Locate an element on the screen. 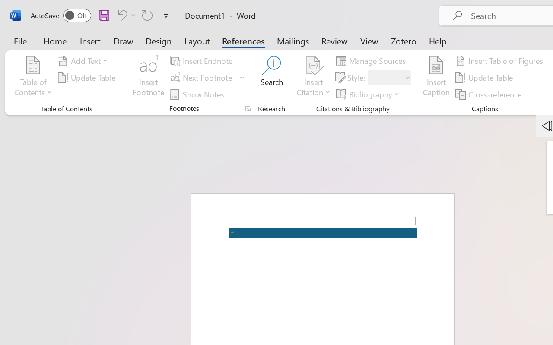 This screenshot has height=345, width=553. 'Next Footnote' is located at coordinates (207, 77).